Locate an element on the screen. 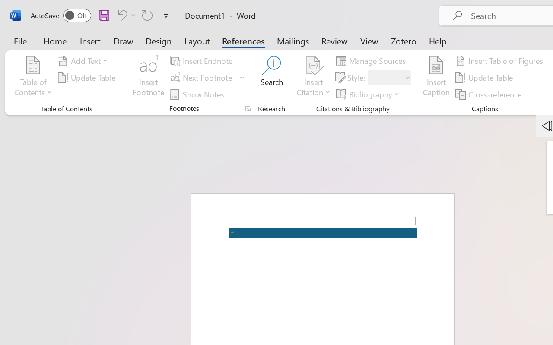 This screenshot has height=345, width=553. 'Next Footnote' is located at coordinates (207, 77).